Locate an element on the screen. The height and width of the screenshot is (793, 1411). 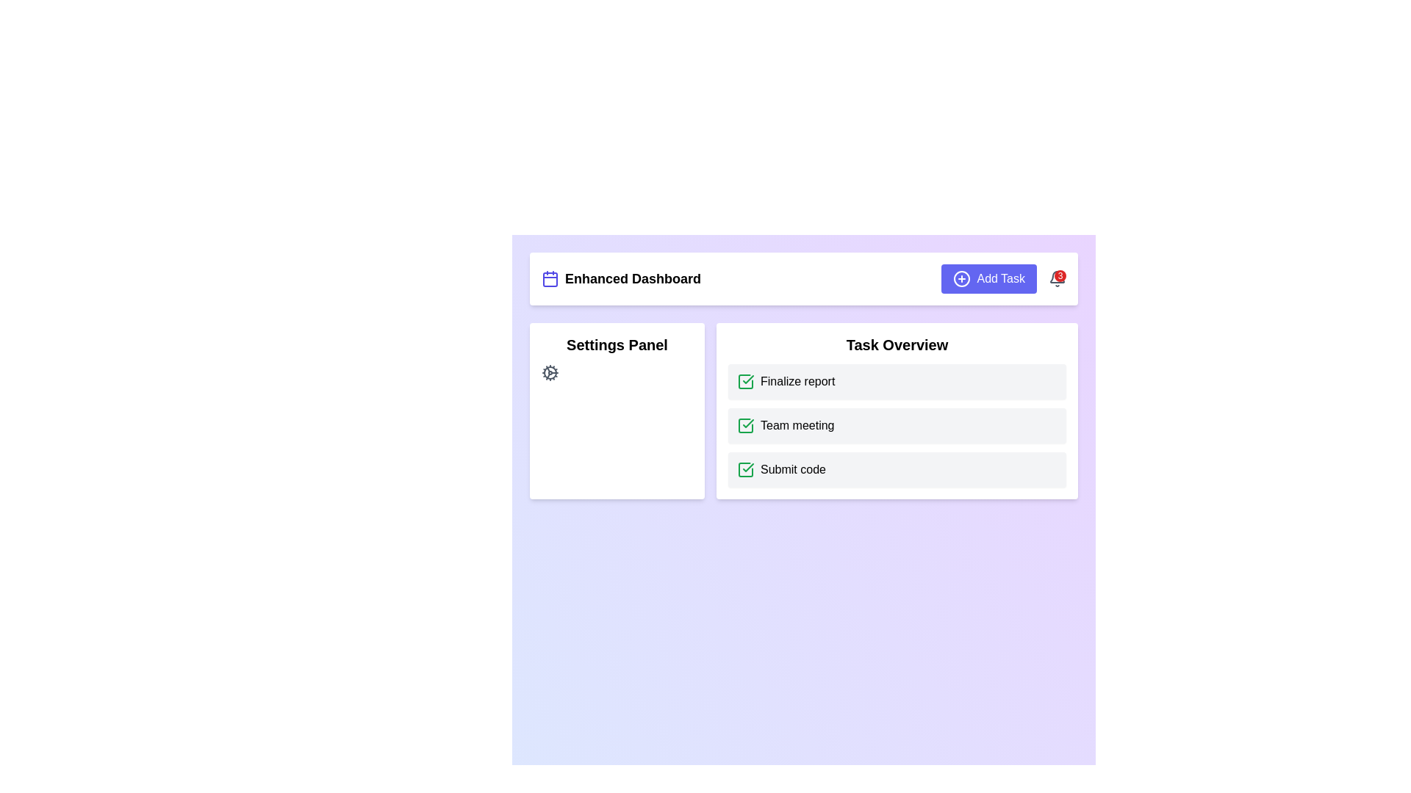
the 'Add Task' button by clicking on the adding icon located to the left of the text 'Add Task' in the upper-right section of the interface is located at coordinates (962, 279).